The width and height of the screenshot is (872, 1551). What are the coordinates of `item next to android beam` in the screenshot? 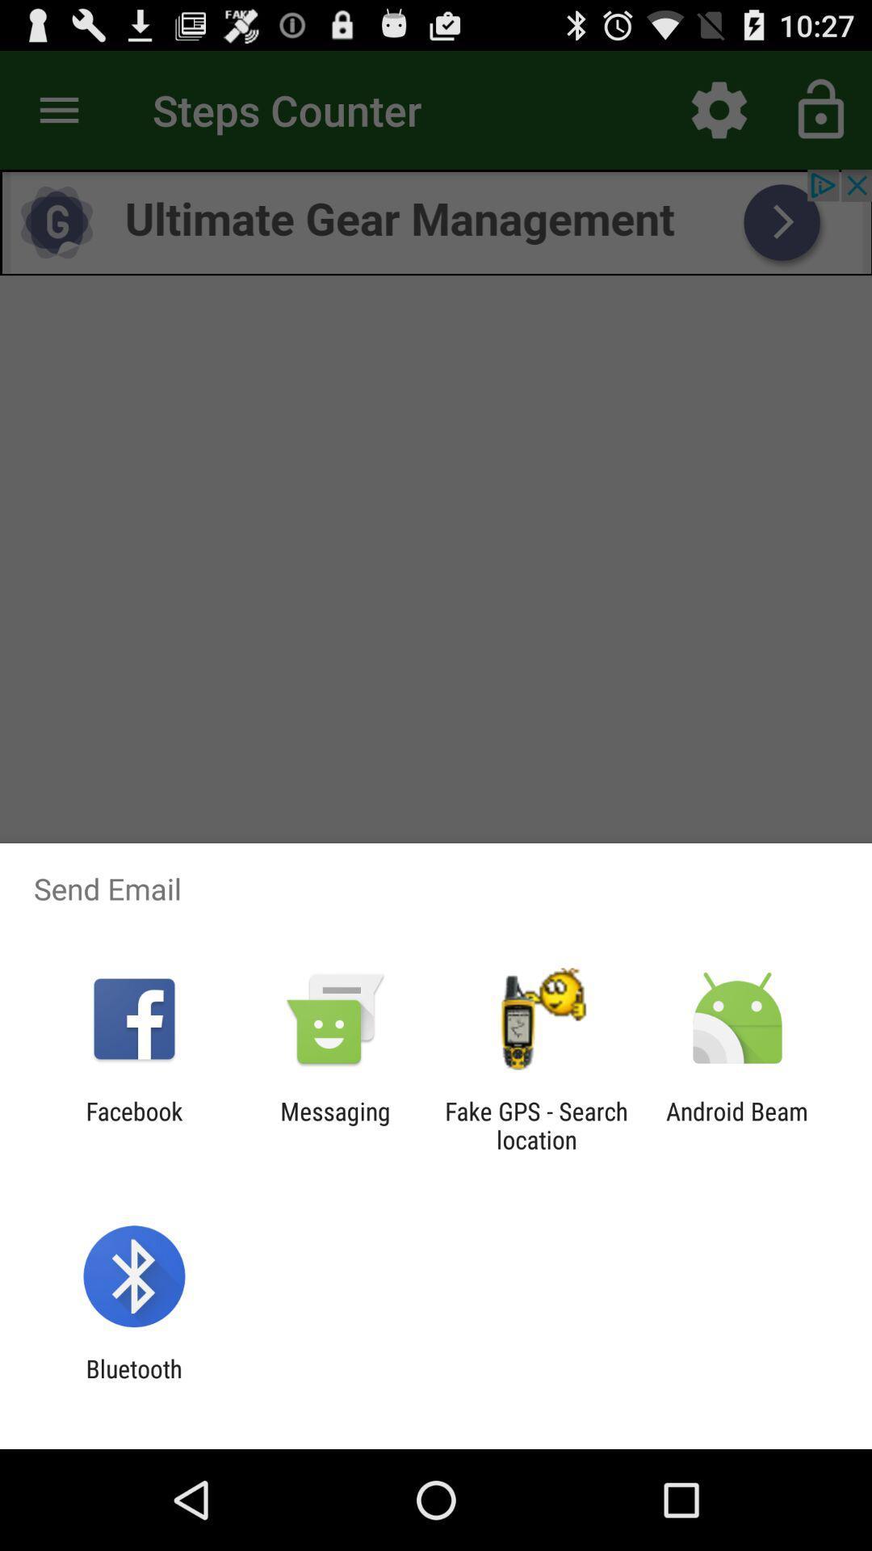 It's located at (536, 1124).